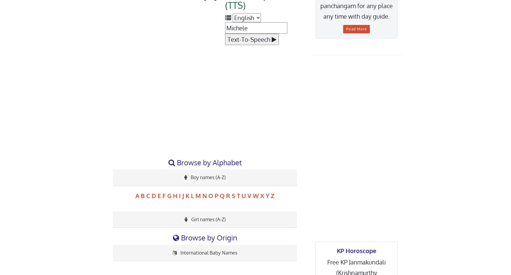  Describe the element at coordinates (180, 195) in the screenshot. I see `'I'` at that location.